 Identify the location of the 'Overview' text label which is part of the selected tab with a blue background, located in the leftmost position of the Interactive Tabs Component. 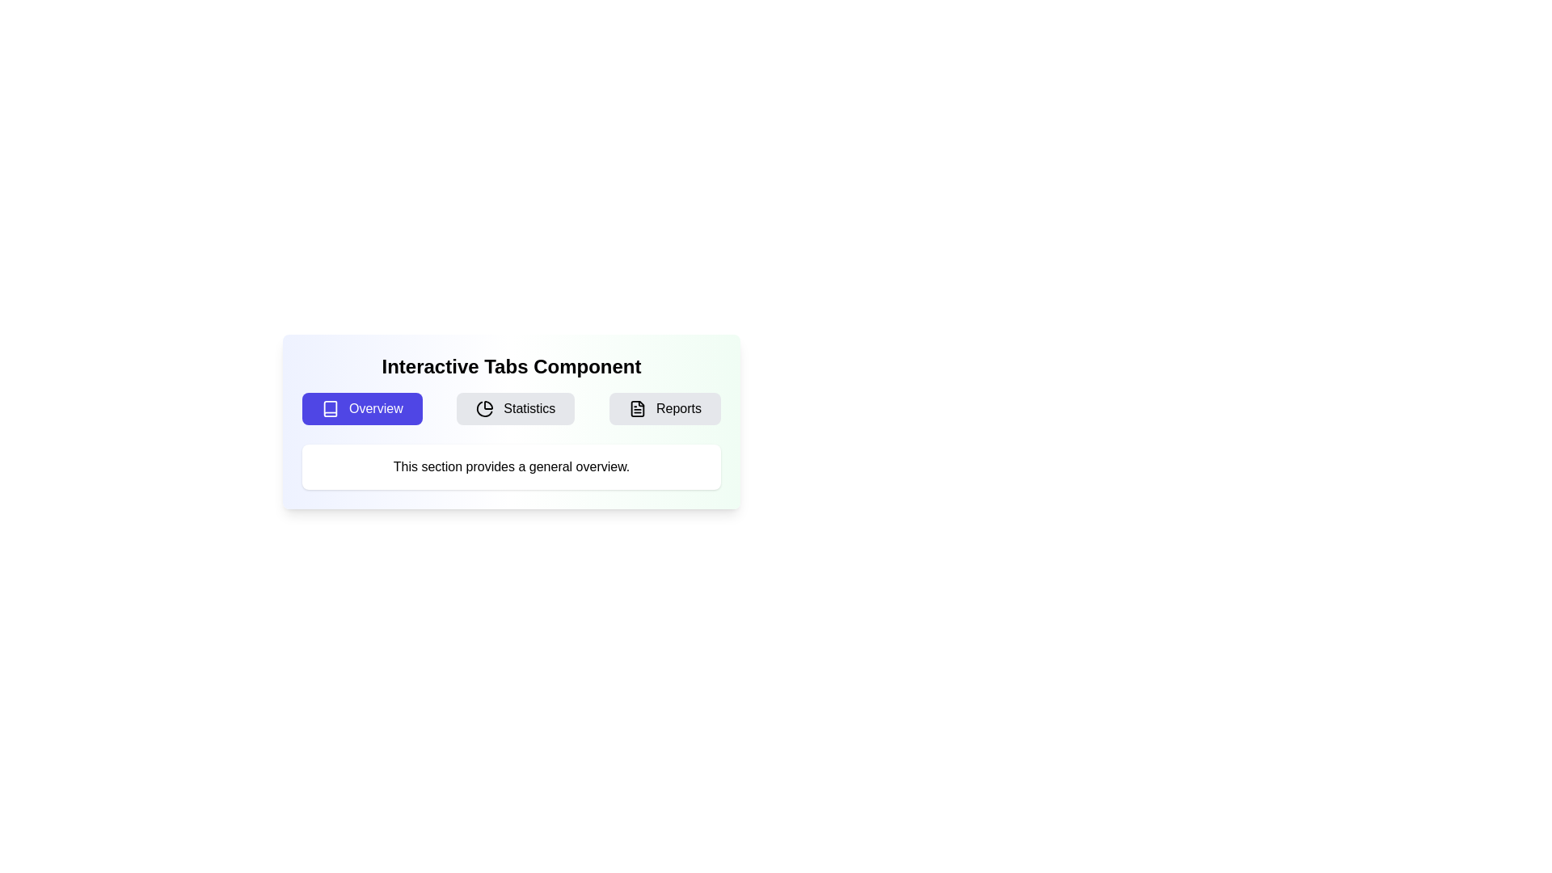
(375, 407).